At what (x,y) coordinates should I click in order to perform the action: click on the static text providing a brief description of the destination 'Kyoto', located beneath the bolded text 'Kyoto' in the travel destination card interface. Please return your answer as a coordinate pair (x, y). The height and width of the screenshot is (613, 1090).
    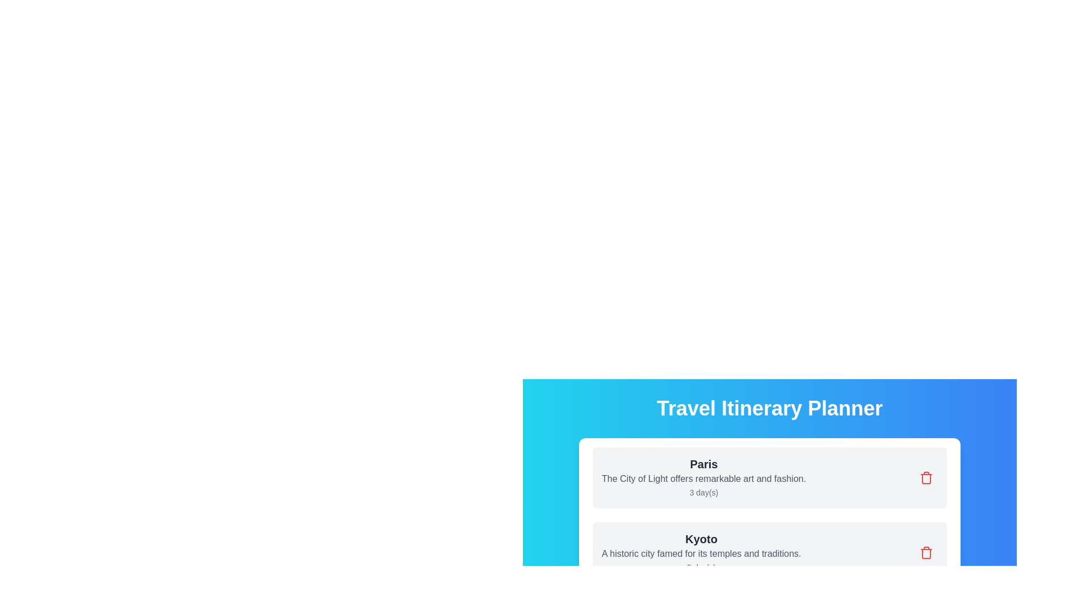
    Looking at the image, I should click on (701, 553).